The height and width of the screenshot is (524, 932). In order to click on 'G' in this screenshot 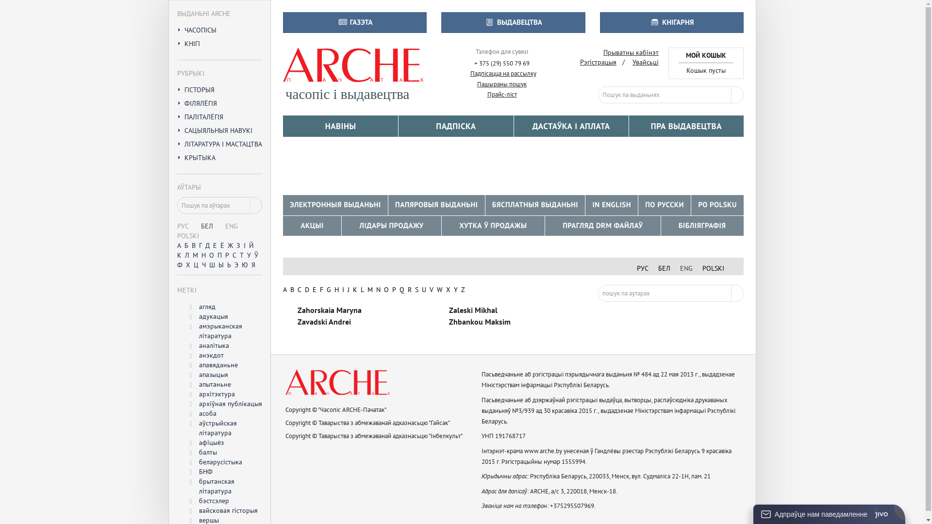, I will do `click(326, 289)`.